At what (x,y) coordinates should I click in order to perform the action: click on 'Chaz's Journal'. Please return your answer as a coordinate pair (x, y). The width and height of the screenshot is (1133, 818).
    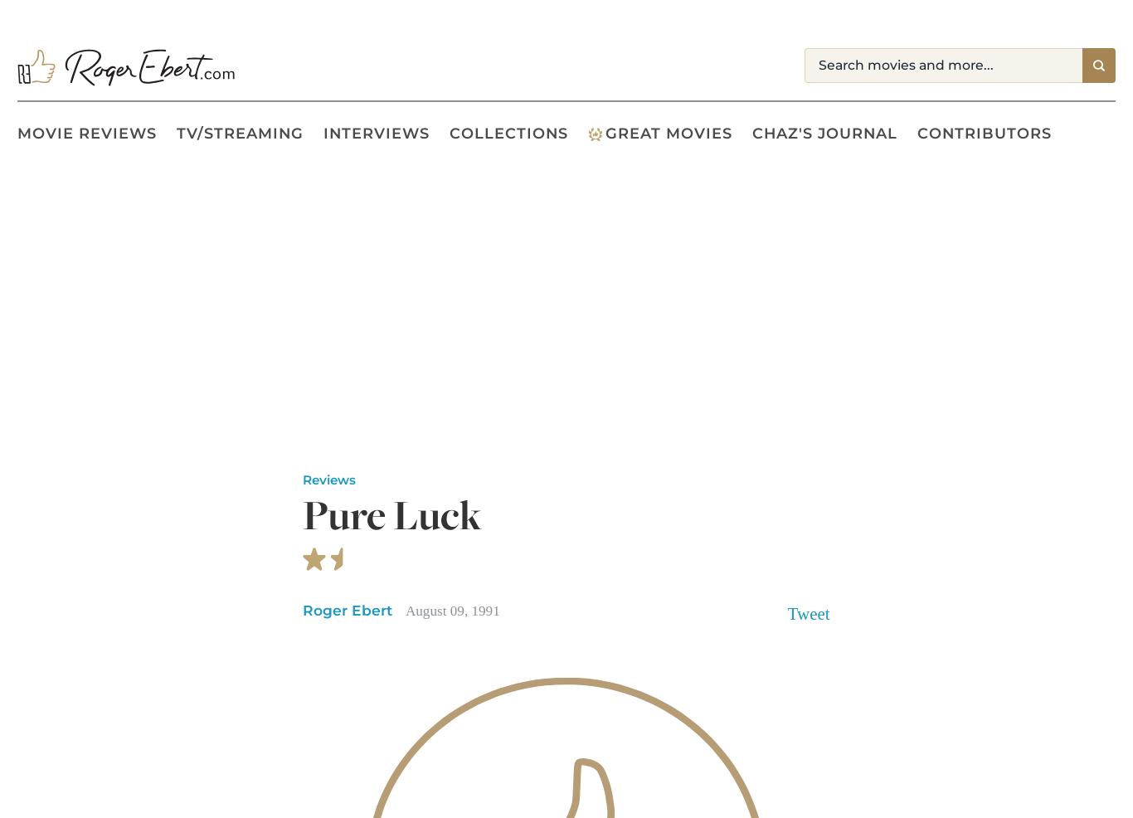
    Looking at the image, I should click on (751, 133).